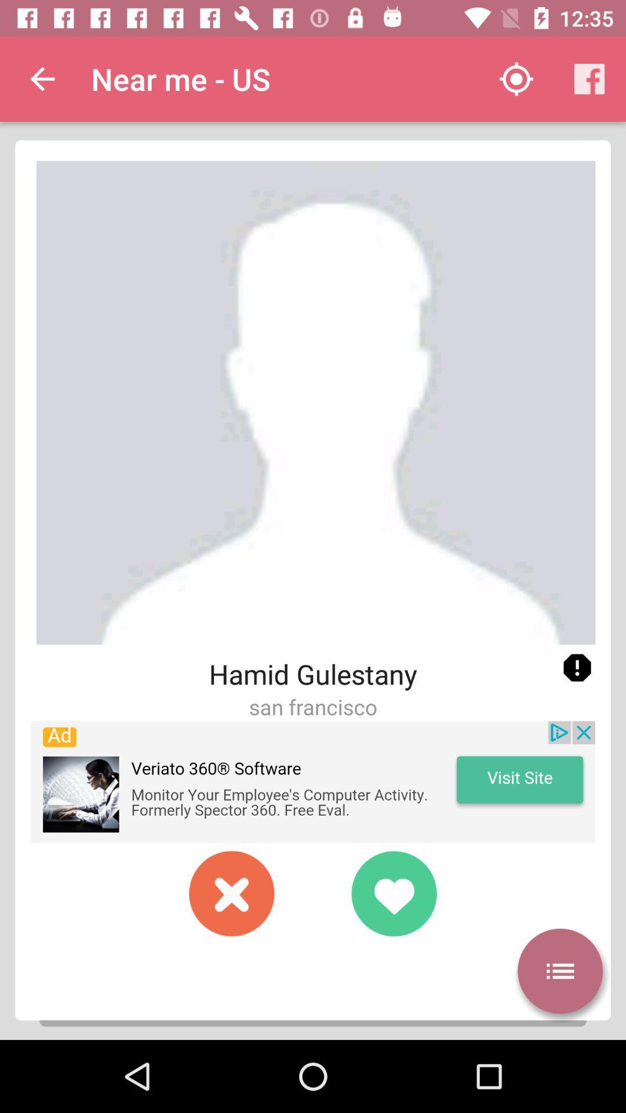  I want to click on like person, so click(393, 893).